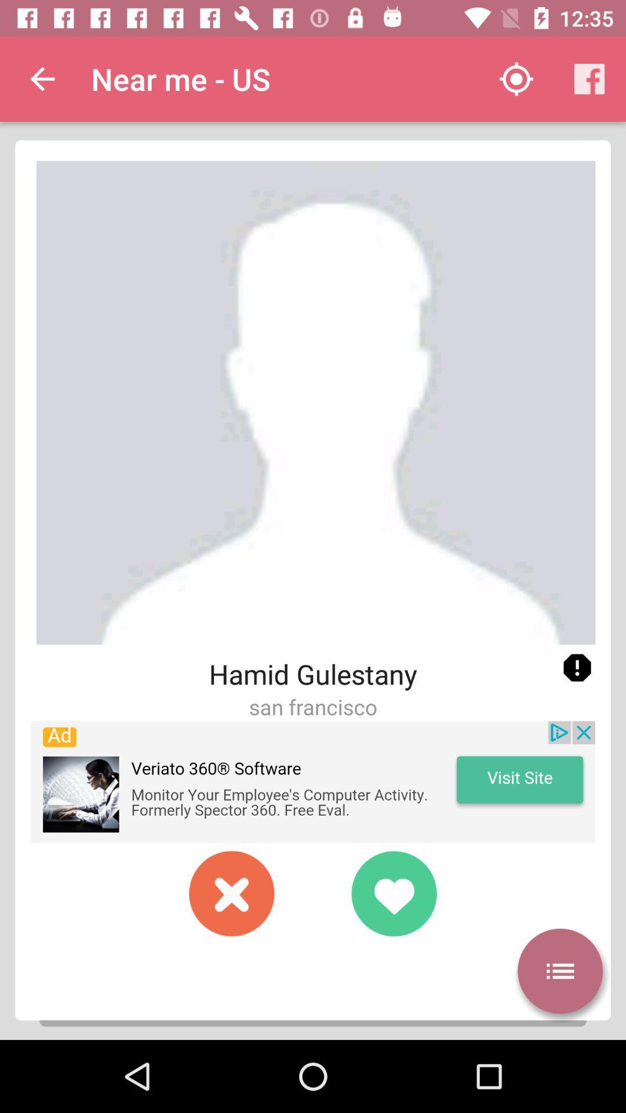  I want to click on like person, so click(393, 893).